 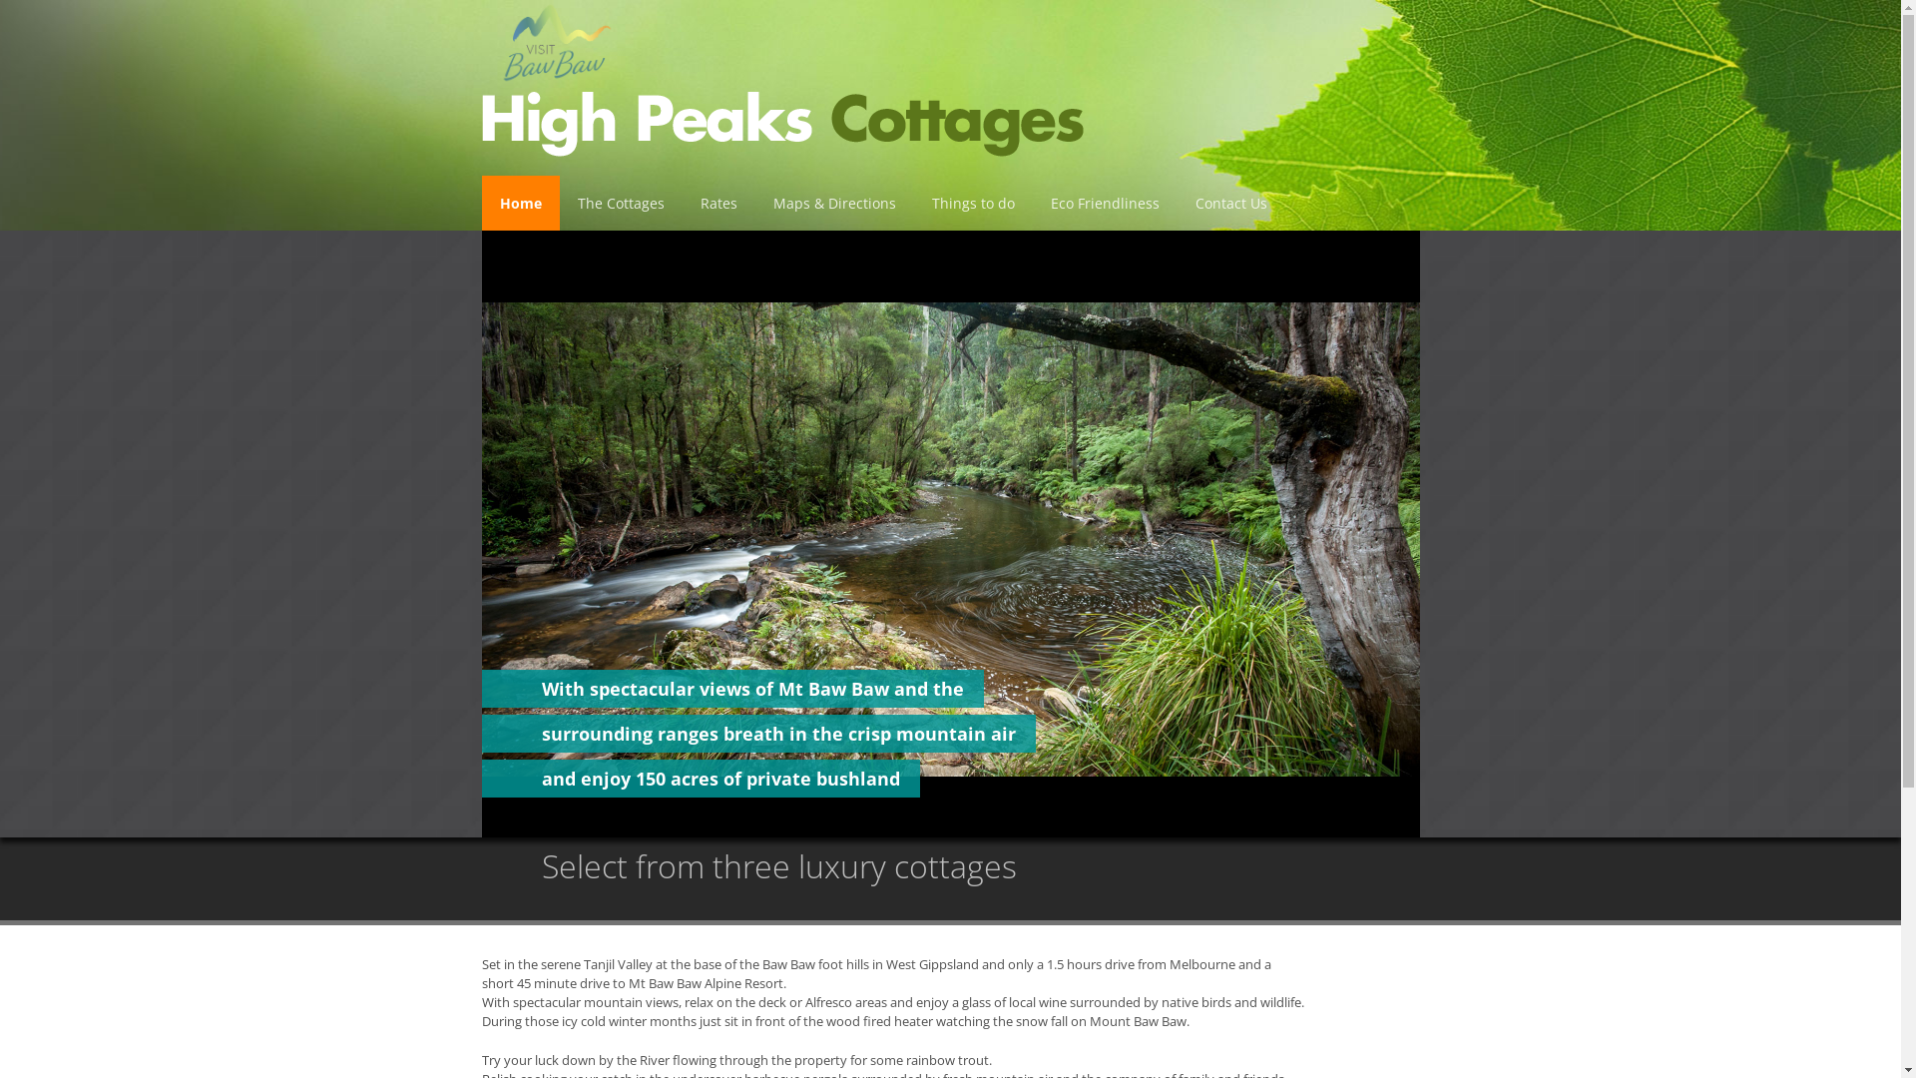 I want to click on 'Eco Friendliness', so click(x=1103, y=203).